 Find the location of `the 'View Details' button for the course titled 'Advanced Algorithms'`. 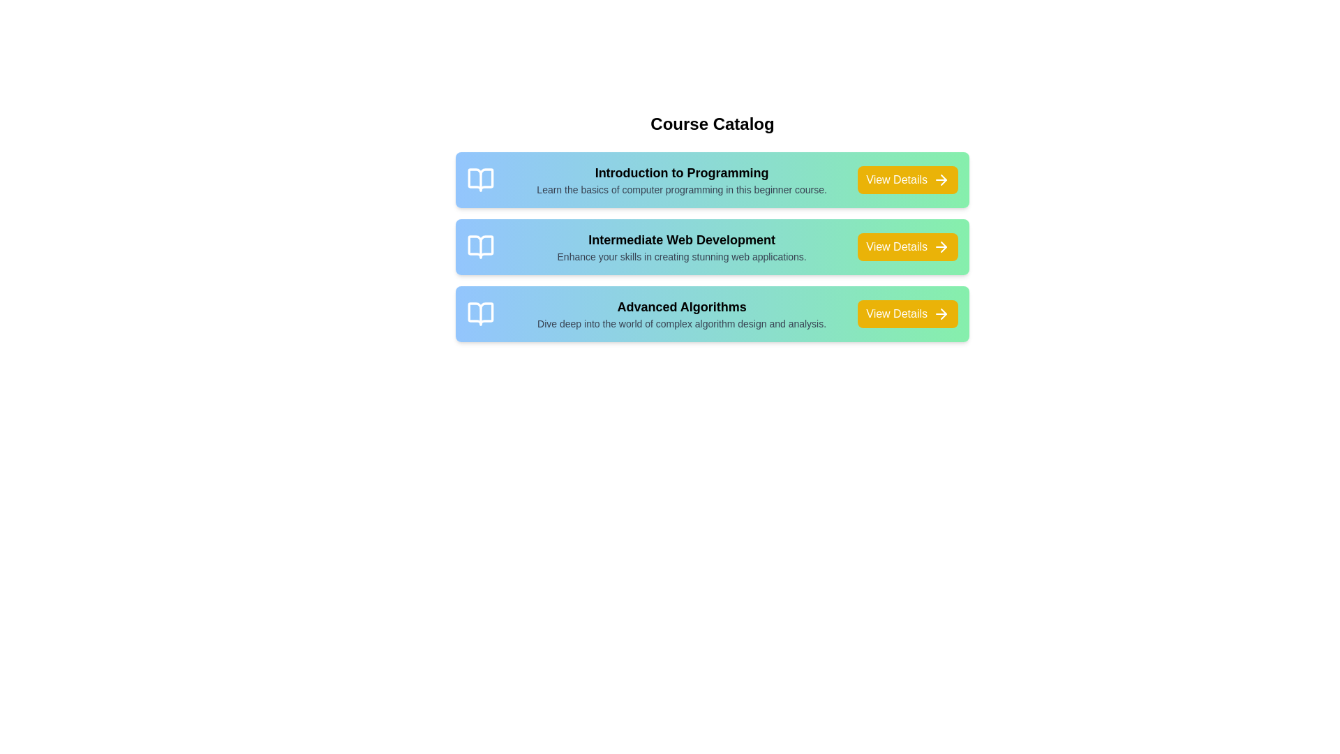

the 'View Details' button for the course titled 'Advanced Algorithms' is located at coordinates (908, 314).